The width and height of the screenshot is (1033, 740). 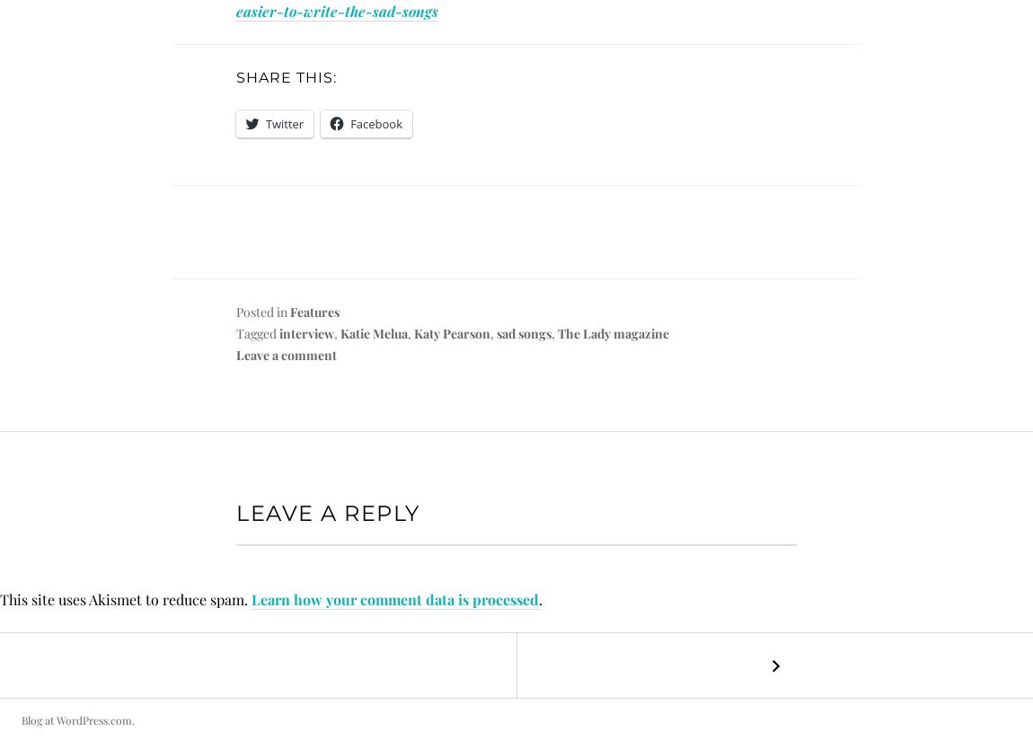 What do you see at coordinates (77, 719) in the screenshot?
I see `'Blog at WordPress.com.'` at bounding box center [77, 719].